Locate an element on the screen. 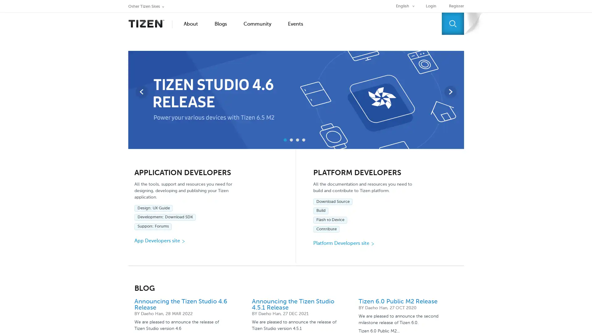 This screenshot has height=333, width=592. PREVIOUS is located at coordinates (141, 92).